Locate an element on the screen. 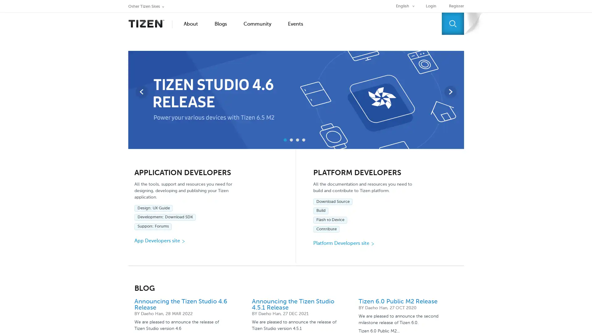 This screenshot has height=333, width=592. PREVIOUS is located at coordinates (141, 92).